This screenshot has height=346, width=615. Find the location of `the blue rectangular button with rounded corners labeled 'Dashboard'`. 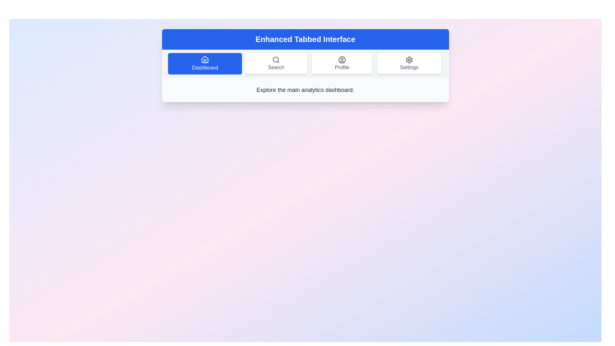

the blue rectangular button with rounded corners labeled 'Dashboard' is located at coordinates (204, 64).